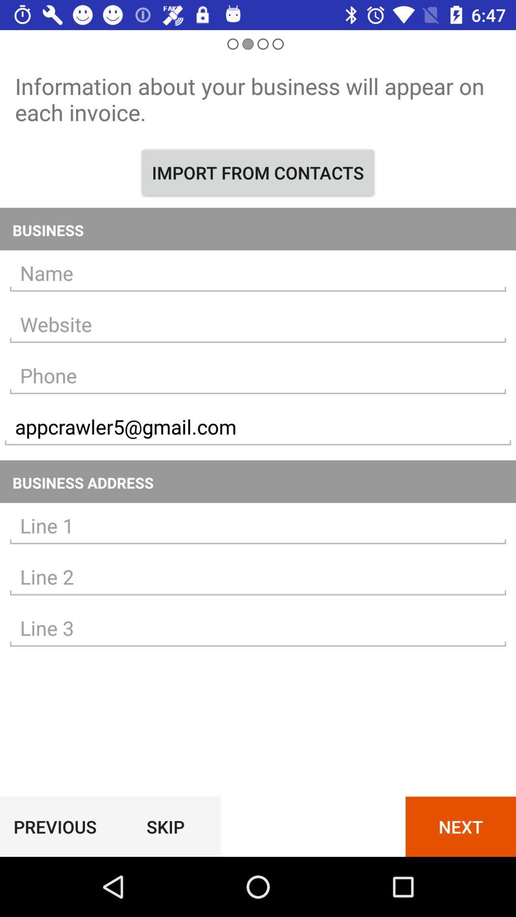  What do you see at coordinates (55, 826) in the screenshot?
I see `the icon to the left of skip` at bounding box center [55, 826].